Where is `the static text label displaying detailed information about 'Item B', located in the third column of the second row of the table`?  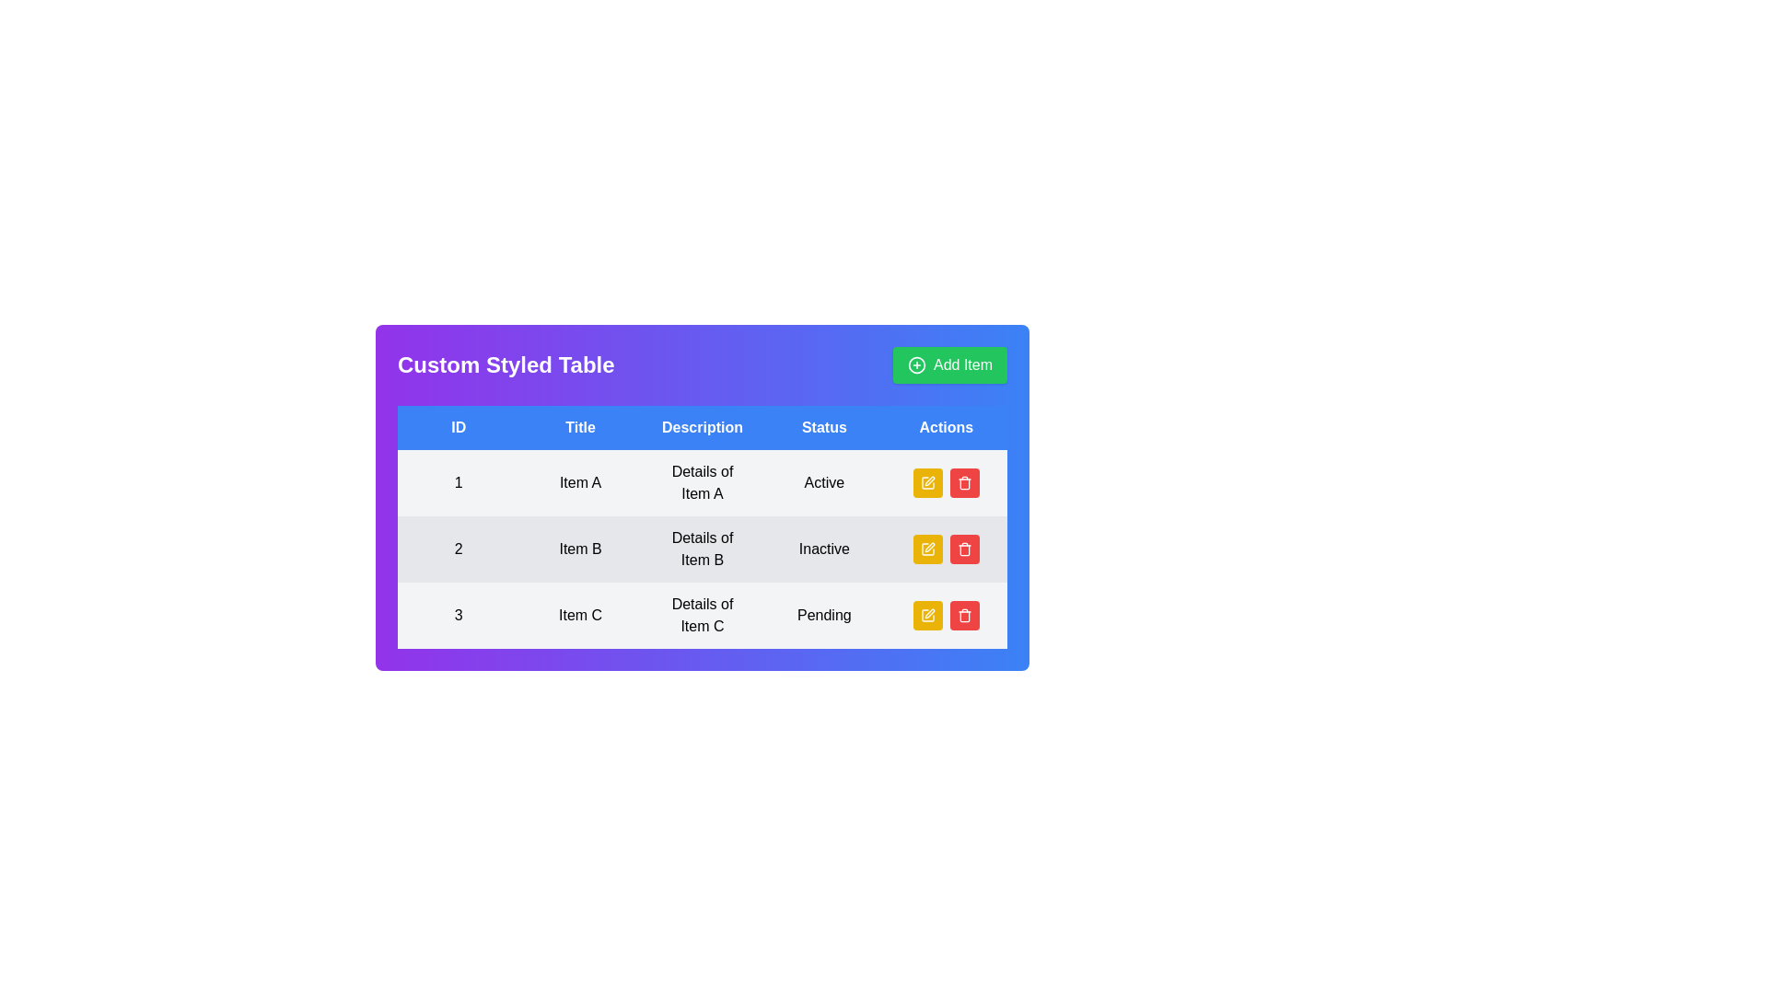
the static text label displaying detailed information about 'Item B', located in the third column of the second row of the table is located at coordinates (702, 549).